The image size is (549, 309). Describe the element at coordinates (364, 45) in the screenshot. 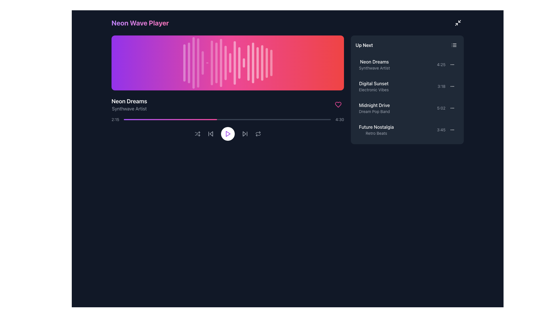

I see `the Static Text Label located at the top-left corner of the right-side panel, which serves as a section heading or title for the content or functionality of the section` at that location.